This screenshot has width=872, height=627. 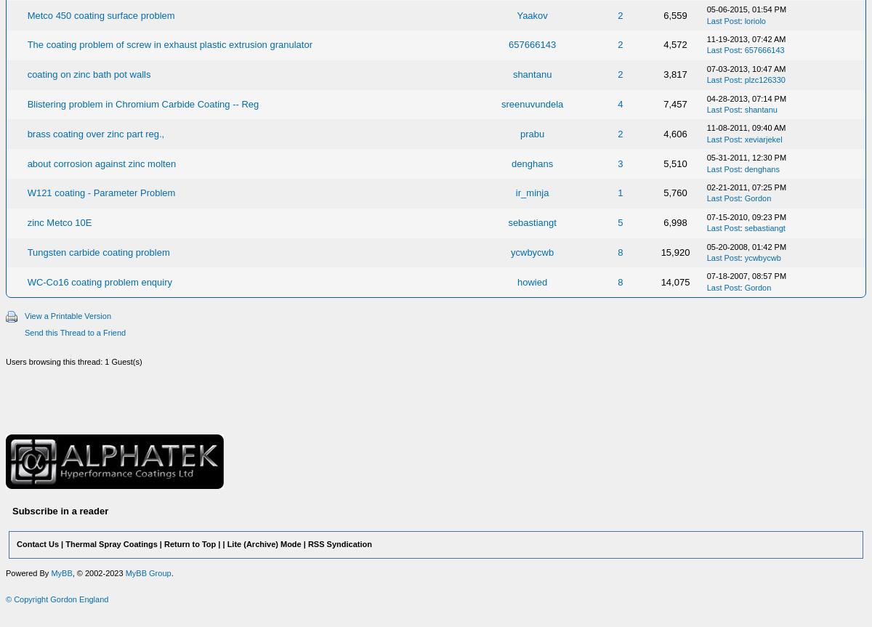 What do you see at coordinates (339, 543) in the screenshot?
I see `'RSS Syndication'` at bounding box center [339, 543].